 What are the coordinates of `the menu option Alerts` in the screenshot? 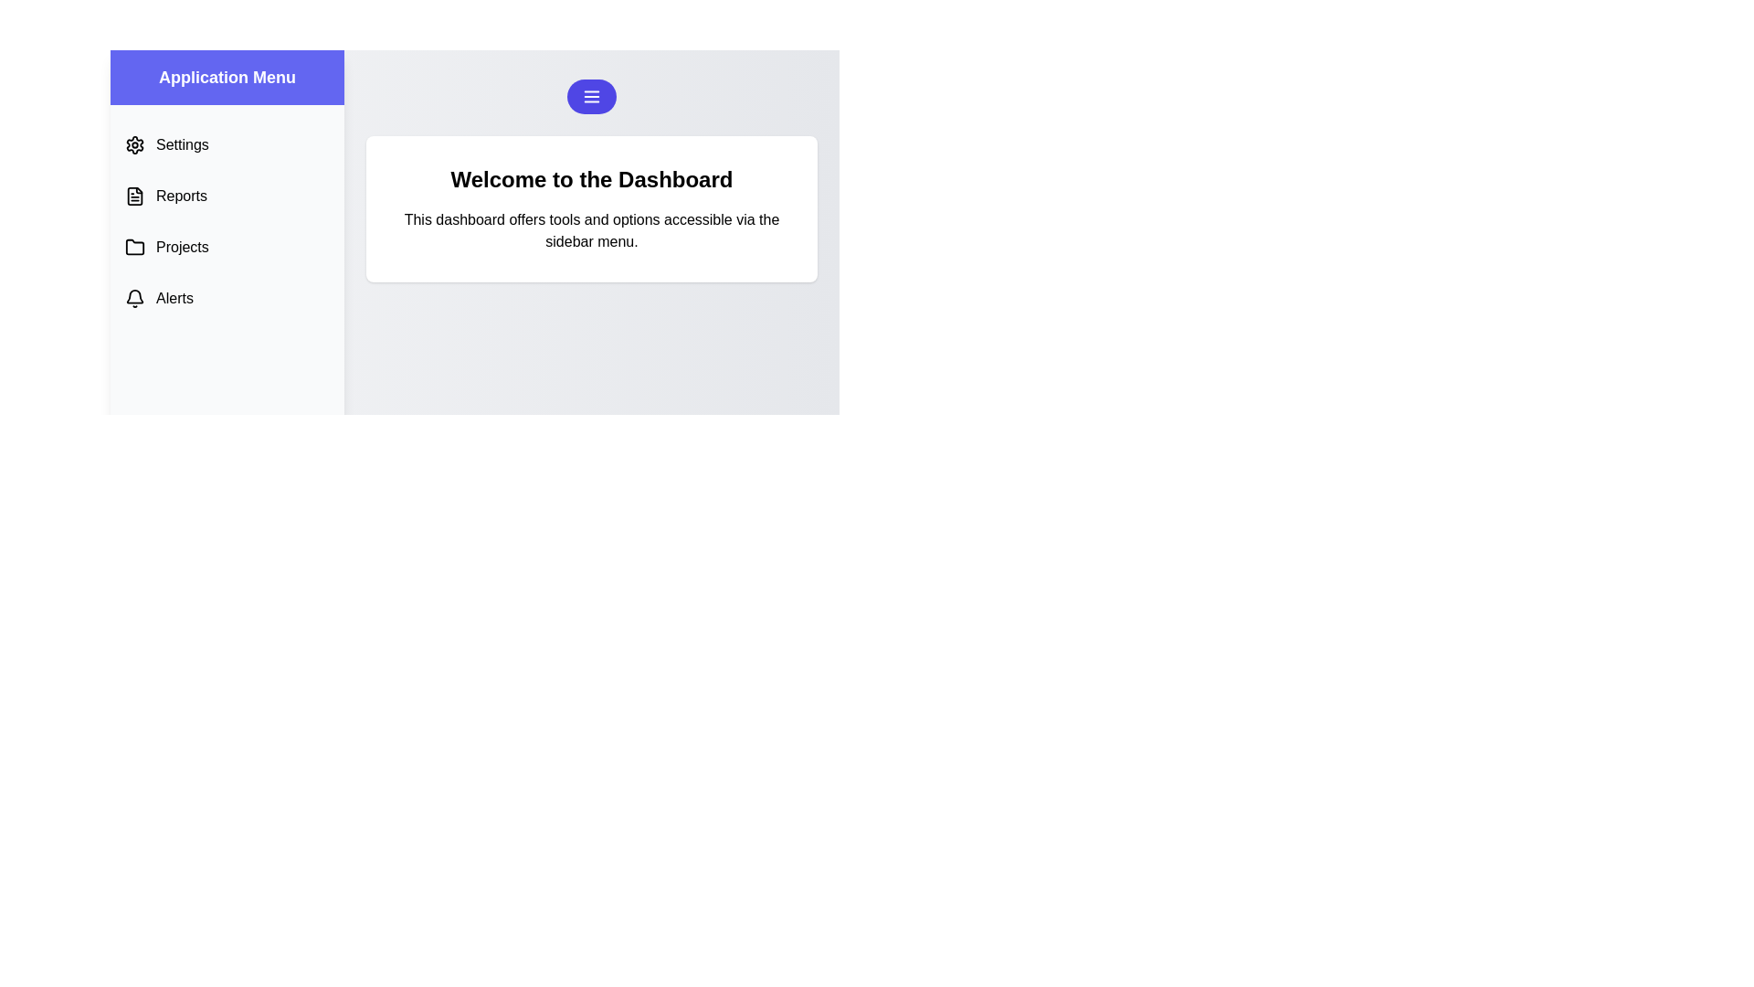 It's located at (227, 298).